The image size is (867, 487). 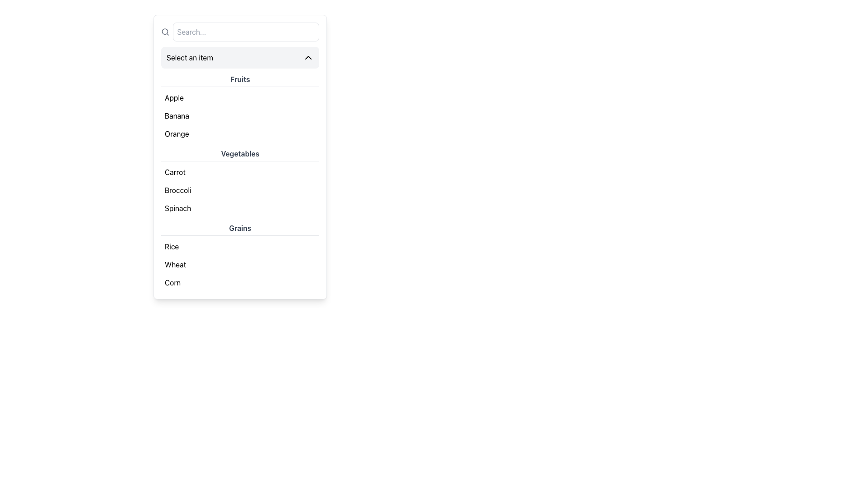 I want to click on the list item representing 'Broccoli', which is the second item in the 'Vegetables' section of the list, so click(x=240, y=189).